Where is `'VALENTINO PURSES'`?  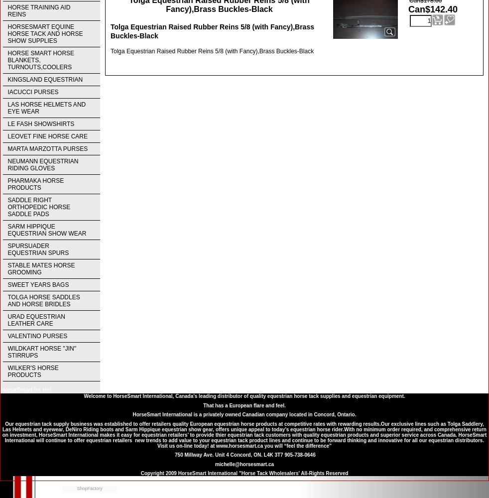 'VALENTINO PURSES' is located at coordinates (7, 336).